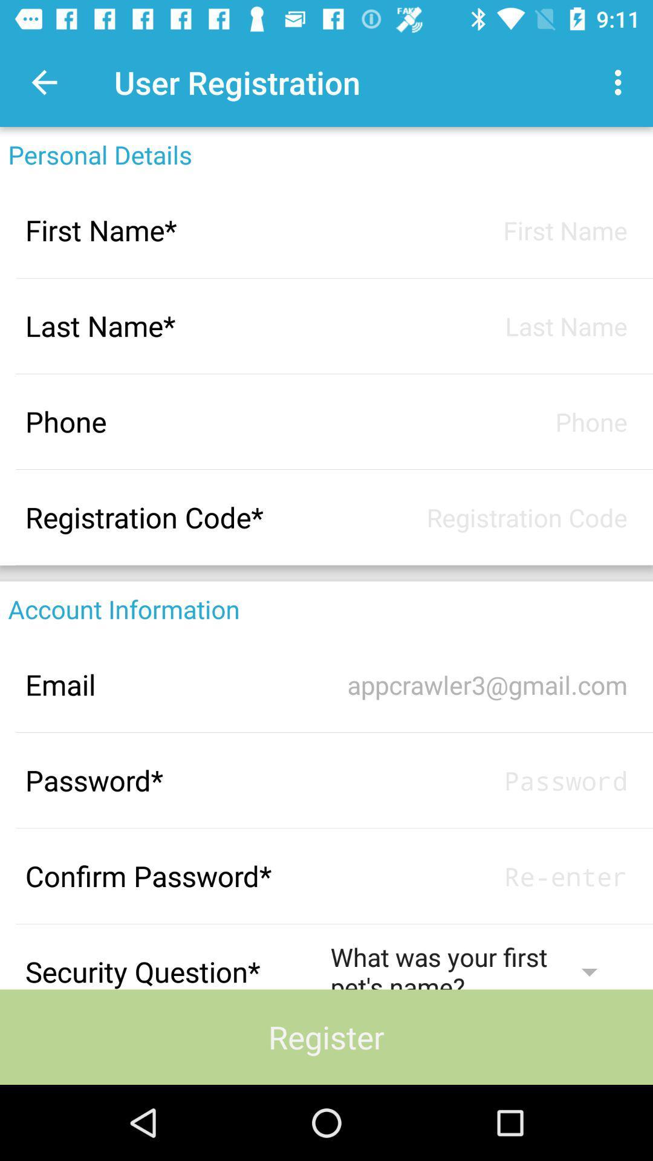  What do you see at coordinates (478, 421) in the screenshot?
I see `information` at bounding box center [478, 421].